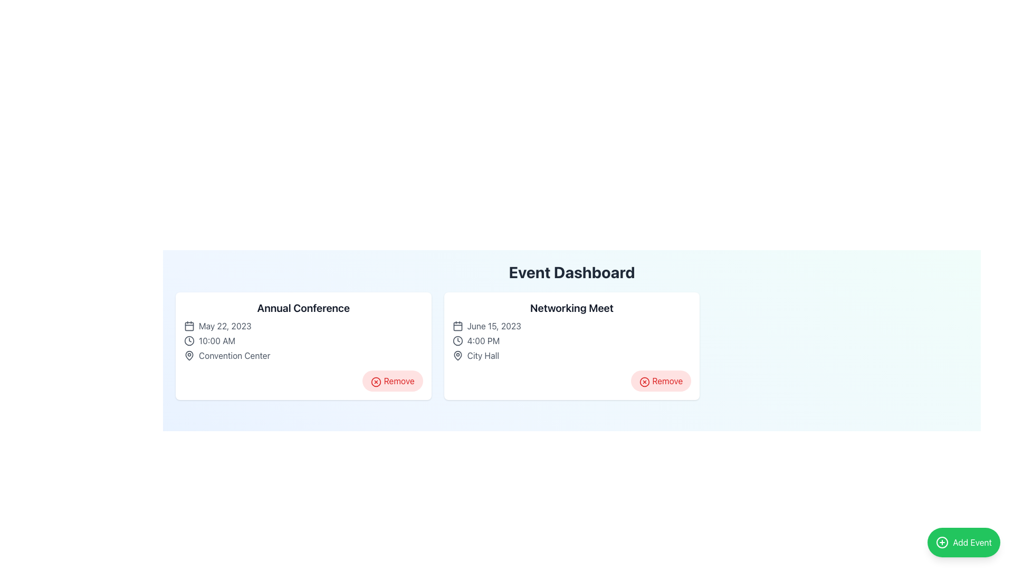 Image resolution: width=1013 pixels, height=570 pixels. Describe the element at coordinates (224, 325) in the screenshot. I see `text label displaying 'May 22, 2023', which is styled in gray and located next to a calendar icon within the 'Annual Conference' event card` at that location.